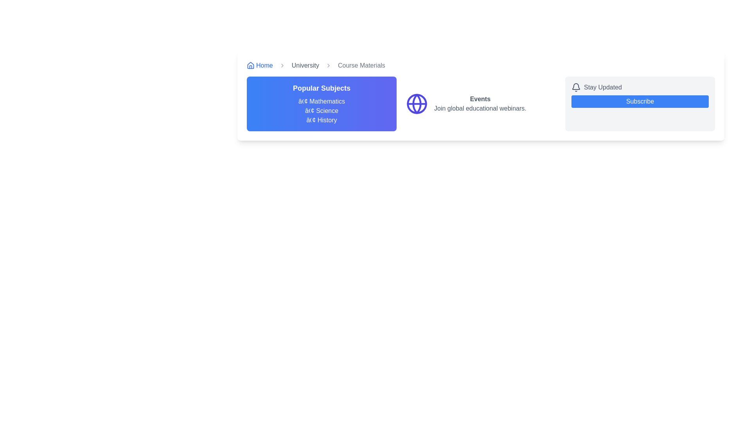 The height and width of the screenshot is (422, 751). I want to click on the 'University' link in the breadcrumb navigation bar to change its text color, so click(305, 65).